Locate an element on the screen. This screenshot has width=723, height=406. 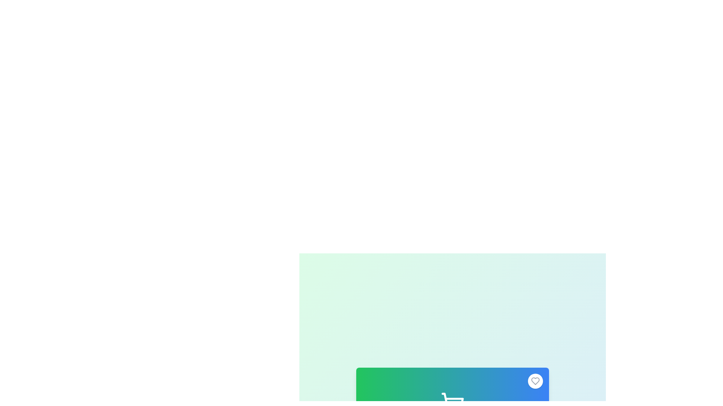
the heart-shaped icon is located at coordinates (535, 381).